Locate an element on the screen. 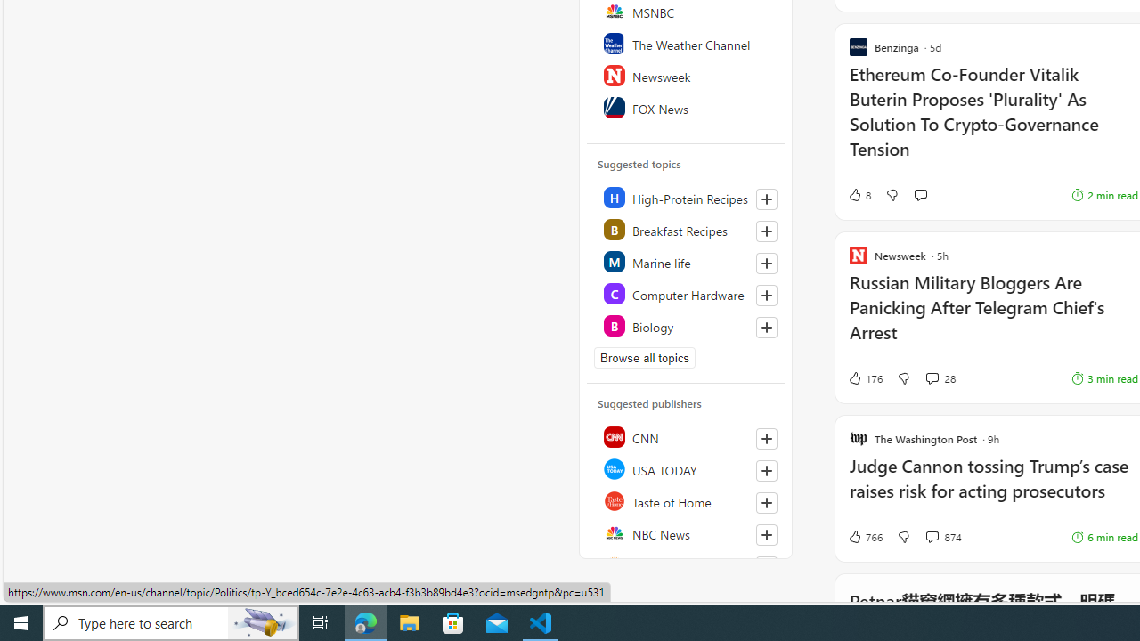  'USA TODAY' is located at coordinates (686, 468).